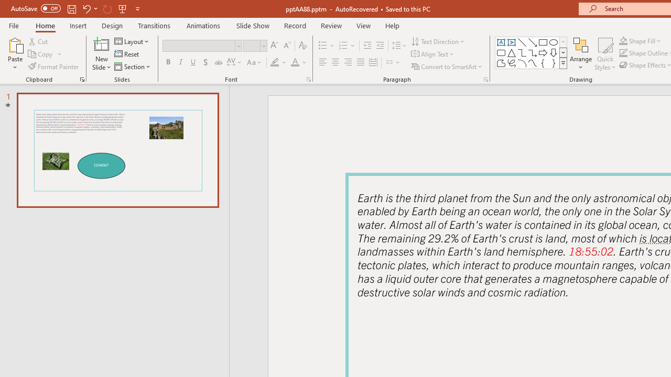 The width and height of the screenshot is (671, 377). What do you see at coordinates (302, 45) in the screenshot?
I see `'Clear Formatting'` at bounding box center [302, 45].